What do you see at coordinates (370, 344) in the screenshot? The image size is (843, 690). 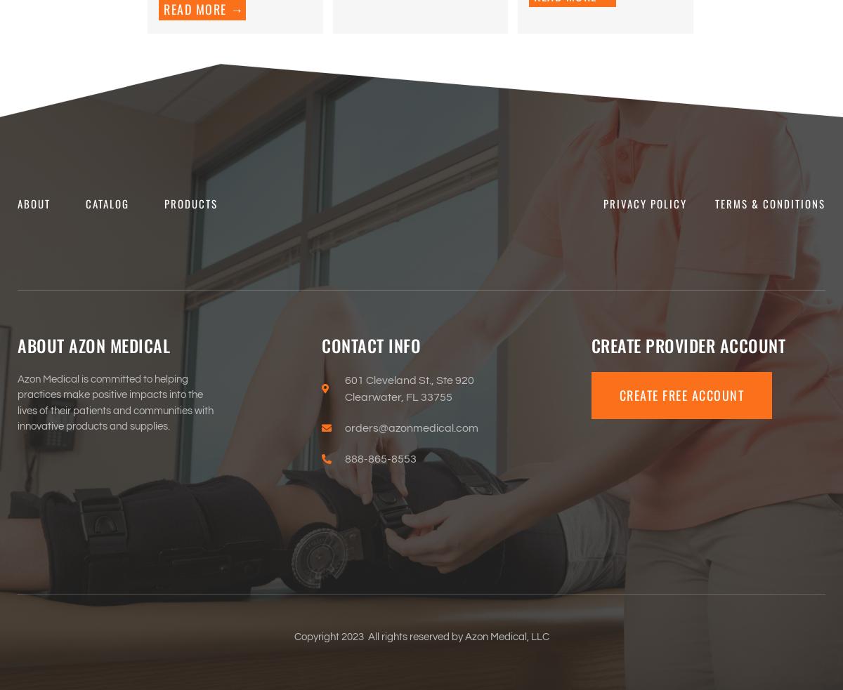 I see `'Contact Info'` at bounding box center [370, 344].